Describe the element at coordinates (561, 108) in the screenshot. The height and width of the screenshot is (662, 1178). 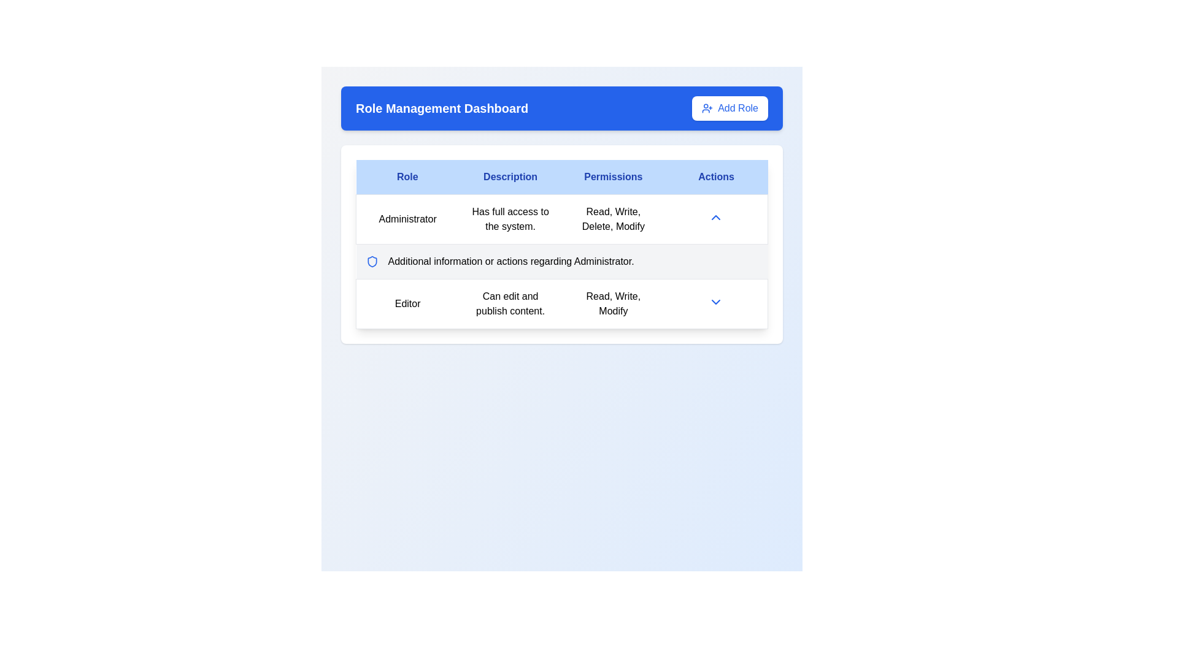
I see `the header section of the page titled 'Role Management Dashboard' for accessibility navigation` at that location.